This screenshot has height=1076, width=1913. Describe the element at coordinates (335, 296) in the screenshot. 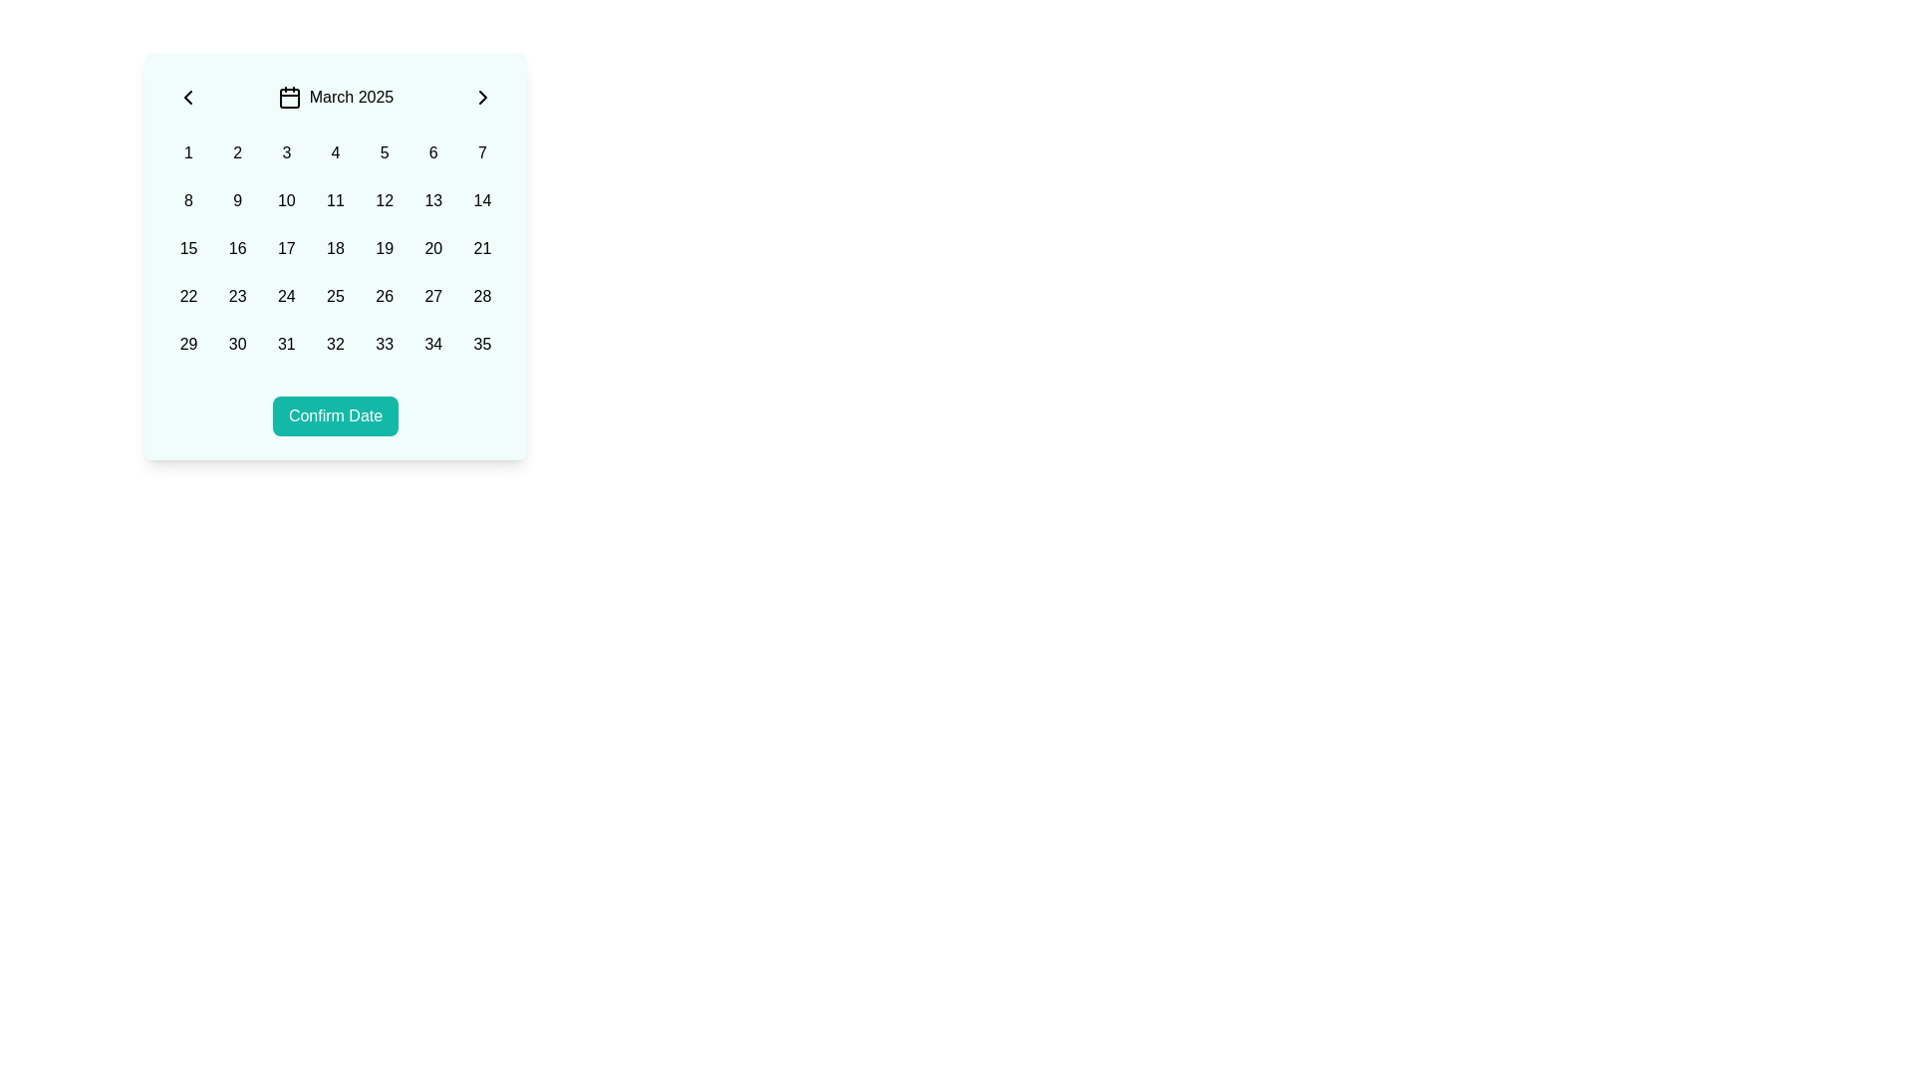

I see `the clickable date cell displaying the number '25'` at that location.